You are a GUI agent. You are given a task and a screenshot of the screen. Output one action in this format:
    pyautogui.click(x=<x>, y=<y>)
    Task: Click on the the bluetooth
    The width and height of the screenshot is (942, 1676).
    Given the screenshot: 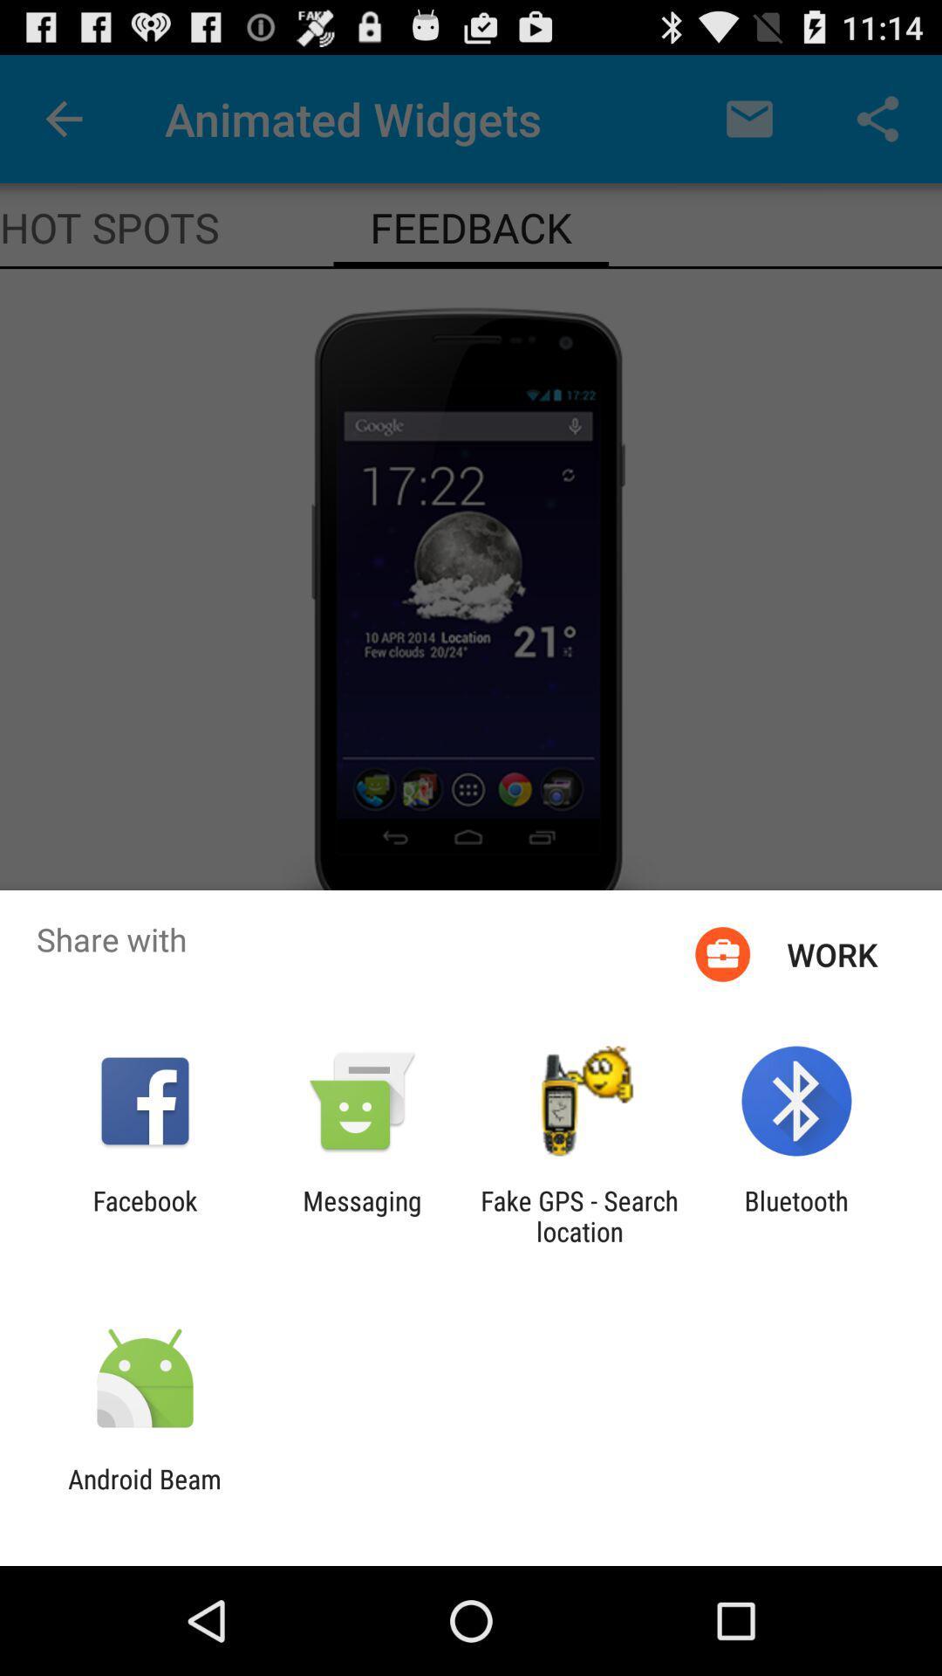 What is the action you would take?
    pyautogui.click(x=796, y=1215)
    